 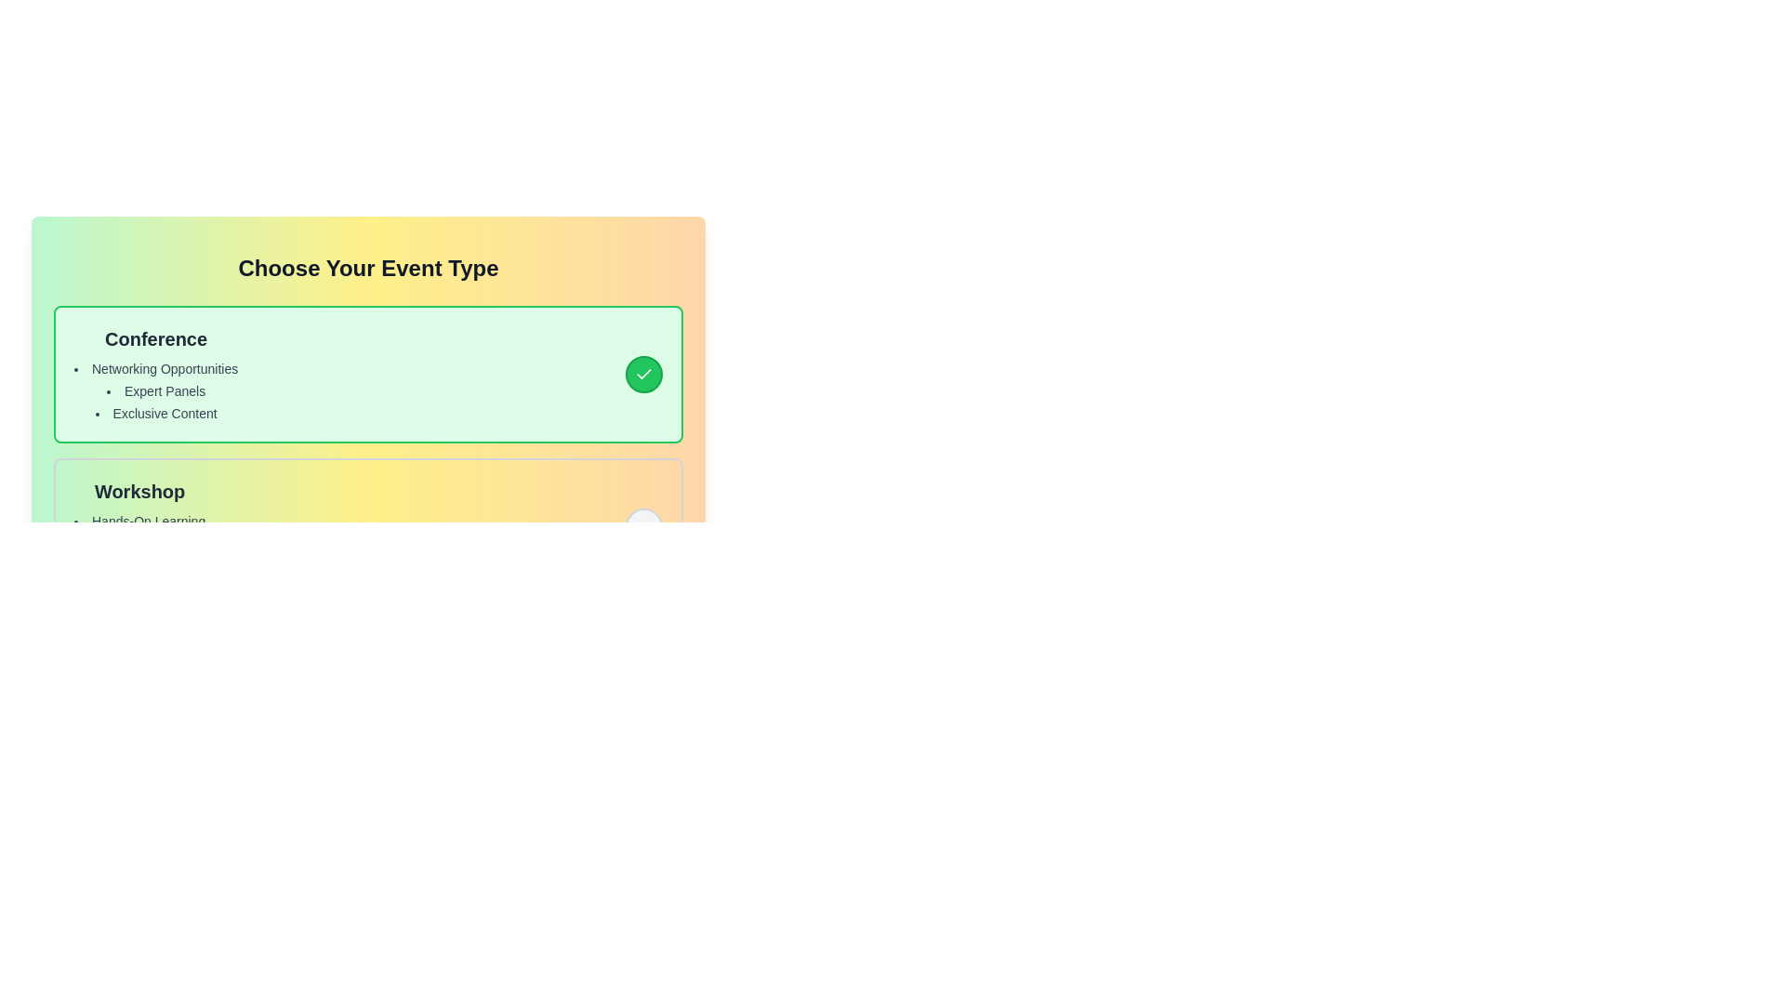 I want to click on the informational text block that provides an overview of features and activities for the 'Conference' event type, located in the left section of the green card, so click(x=156, y=374).